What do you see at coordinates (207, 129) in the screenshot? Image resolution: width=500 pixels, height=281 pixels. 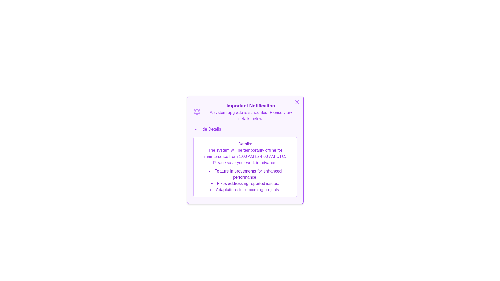 I see `the 'Hide Details' button to toggle the visibility of the details` at bounding box center [207, 129].